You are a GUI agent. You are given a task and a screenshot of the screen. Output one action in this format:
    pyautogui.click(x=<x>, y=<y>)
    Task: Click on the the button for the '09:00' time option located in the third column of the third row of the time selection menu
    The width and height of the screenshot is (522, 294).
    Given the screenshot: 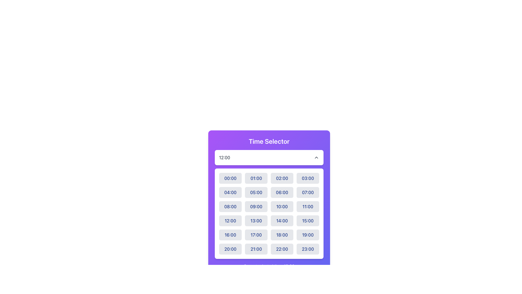 What is the action you would take?
    pyautogui.click(x=256, y=207)
    